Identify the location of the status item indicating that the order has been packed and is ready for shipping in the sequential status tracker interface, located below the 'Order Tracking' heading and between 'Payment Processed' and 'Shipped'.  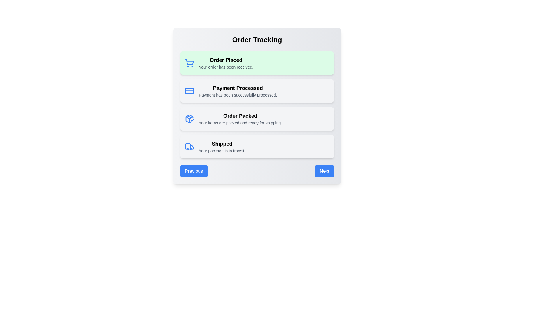
(257, 118).